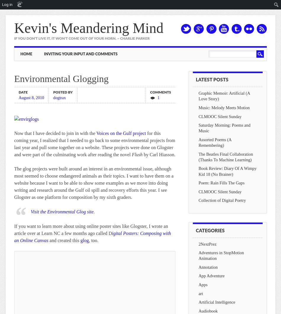  Describe the element at coordinates (88, 28) in the screenshot. I see `'Kevin's Meandering Mind'` at that location.